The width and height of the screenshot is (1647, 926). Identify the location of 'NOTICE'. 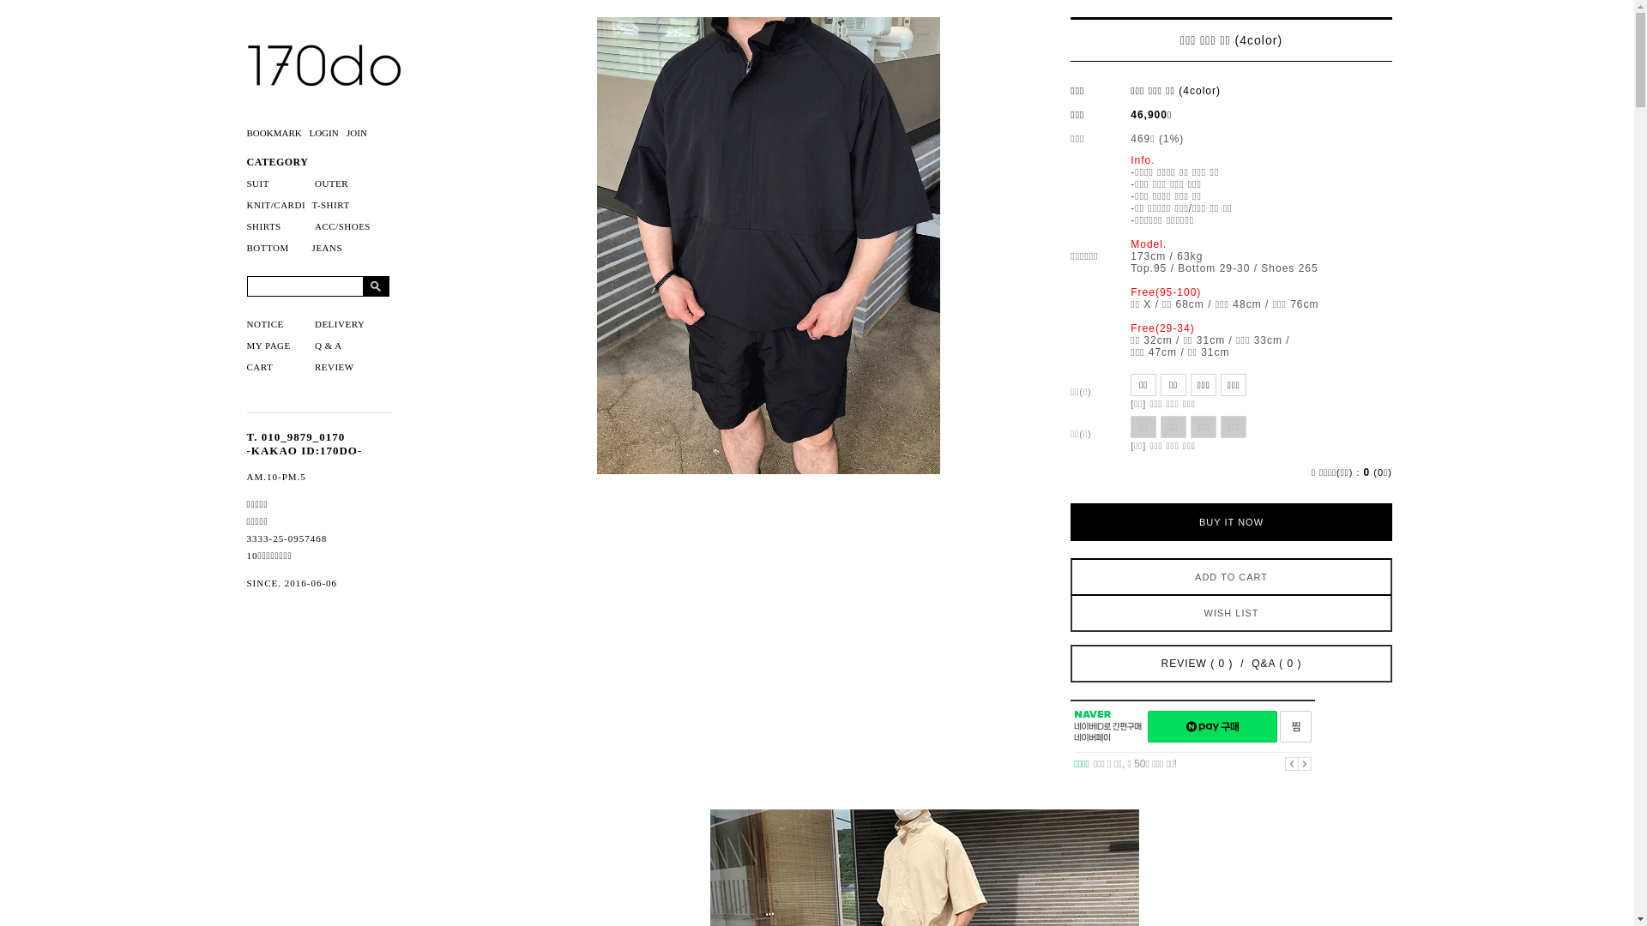
(264, 324).